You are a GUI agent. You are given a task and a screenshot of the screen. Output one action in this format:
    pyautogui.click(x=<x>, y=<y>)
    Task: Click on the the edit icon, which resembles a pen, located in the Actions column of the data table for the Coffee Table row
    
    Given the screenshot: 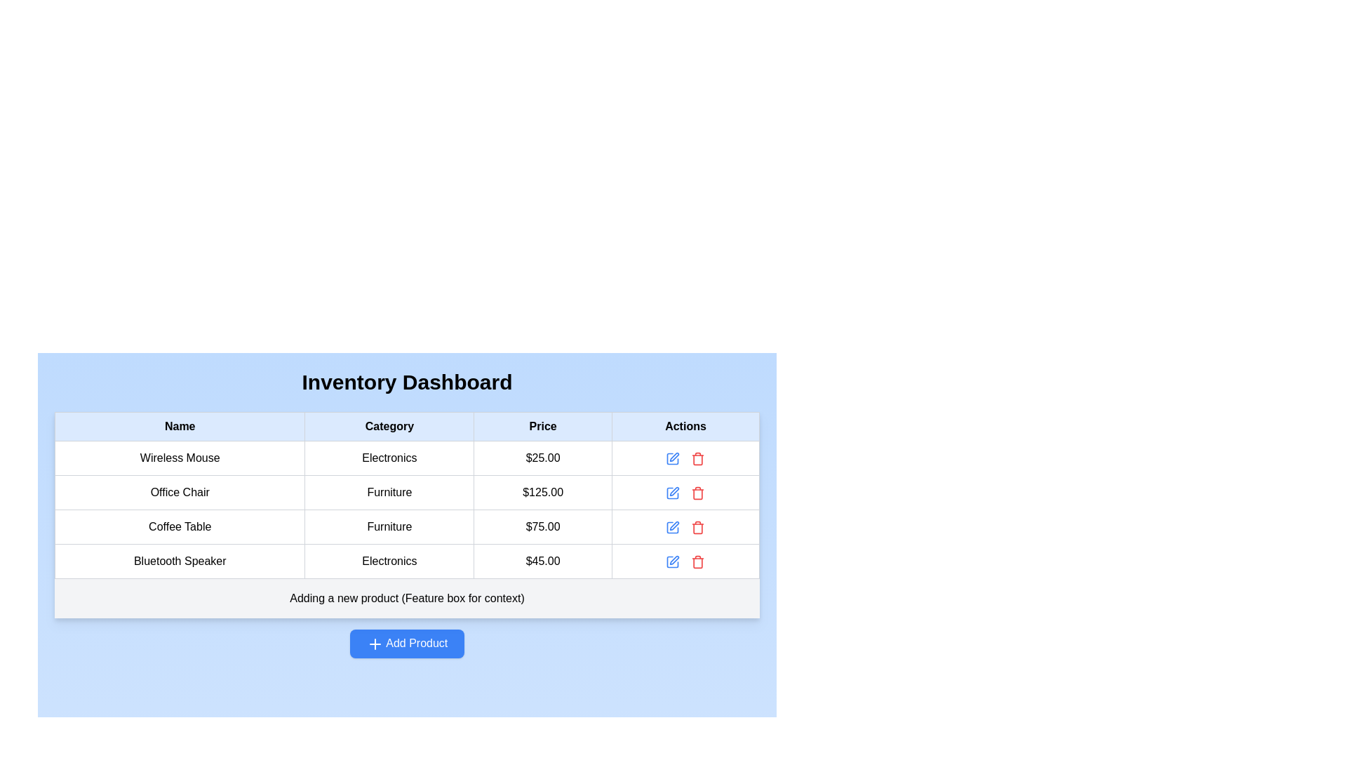 What is the action you would take?
    pyautogui.click(x=672, y=527)
    